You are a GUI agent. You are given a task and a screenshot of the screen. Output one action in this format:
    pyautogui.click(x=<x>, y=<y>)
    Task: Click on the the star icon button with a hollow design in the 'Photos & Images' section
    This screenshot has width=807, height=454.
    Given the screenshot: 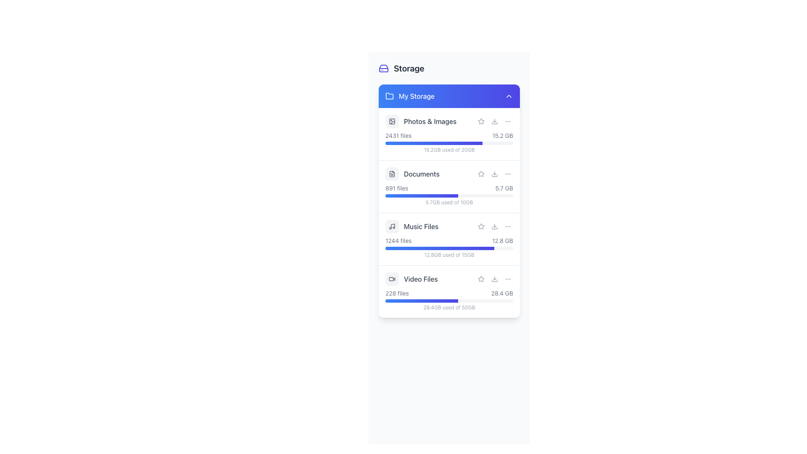 What is the action you would take?
    pyautogui.click(x=481, y=121)
    